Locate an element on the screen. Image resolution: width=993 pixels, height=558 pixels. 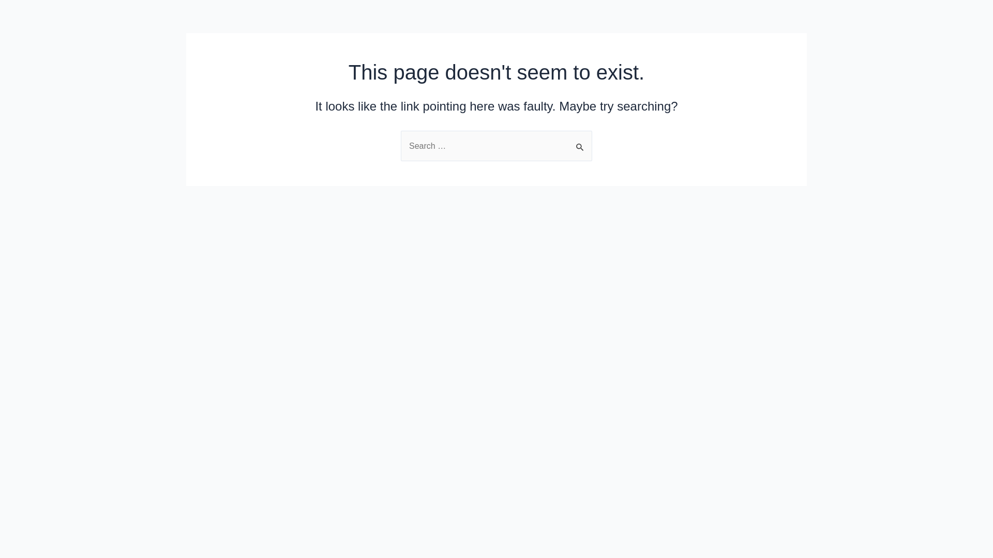
'Search' is located at coordinates (580, 141).